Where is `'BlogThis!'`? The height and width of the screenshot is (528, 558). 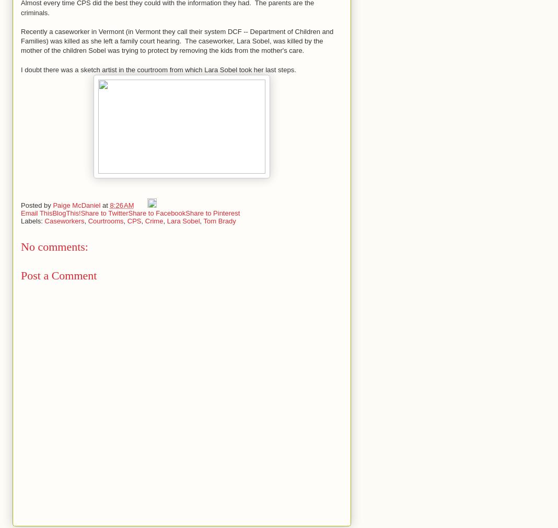 'BlogThis!' is located at coordinates (65, 212).